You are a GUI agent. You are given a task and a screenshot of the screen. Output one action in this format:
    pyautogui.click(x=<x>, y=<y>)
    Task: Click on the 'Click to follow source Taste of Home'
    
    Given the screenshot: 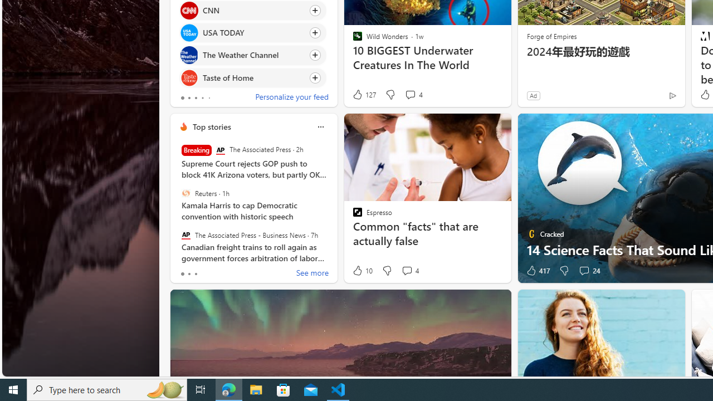 What is the action you would take?
    pyautogui.click(x=252, y=77)
    